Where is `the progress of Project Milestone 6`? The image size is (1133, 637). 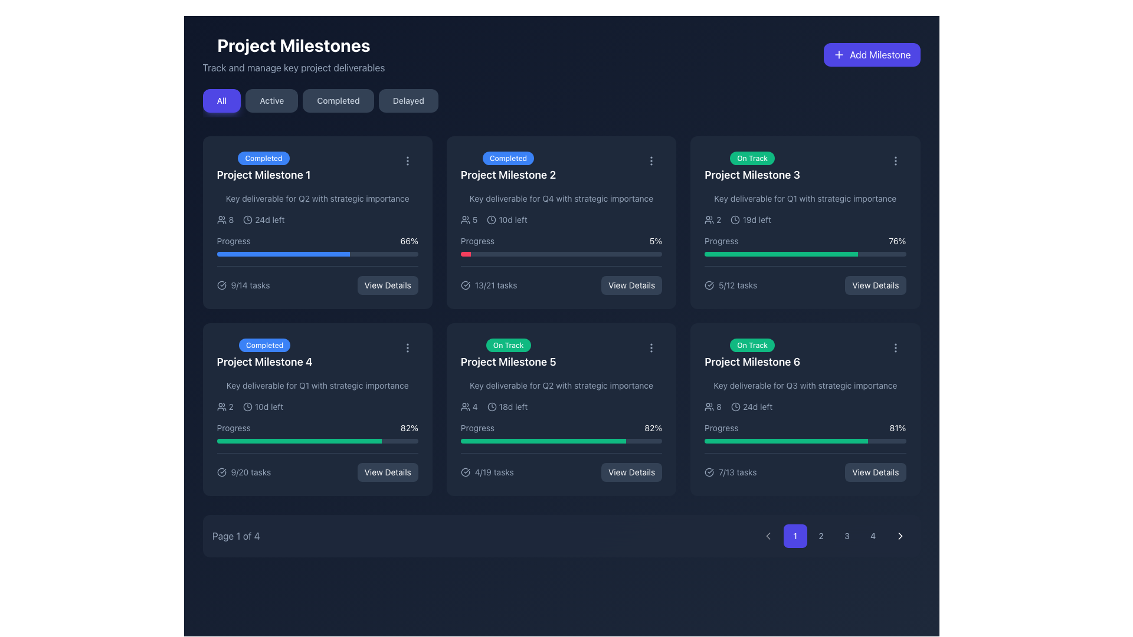 the progress of Project Milestone 6 is located at coordinates (782, 441).